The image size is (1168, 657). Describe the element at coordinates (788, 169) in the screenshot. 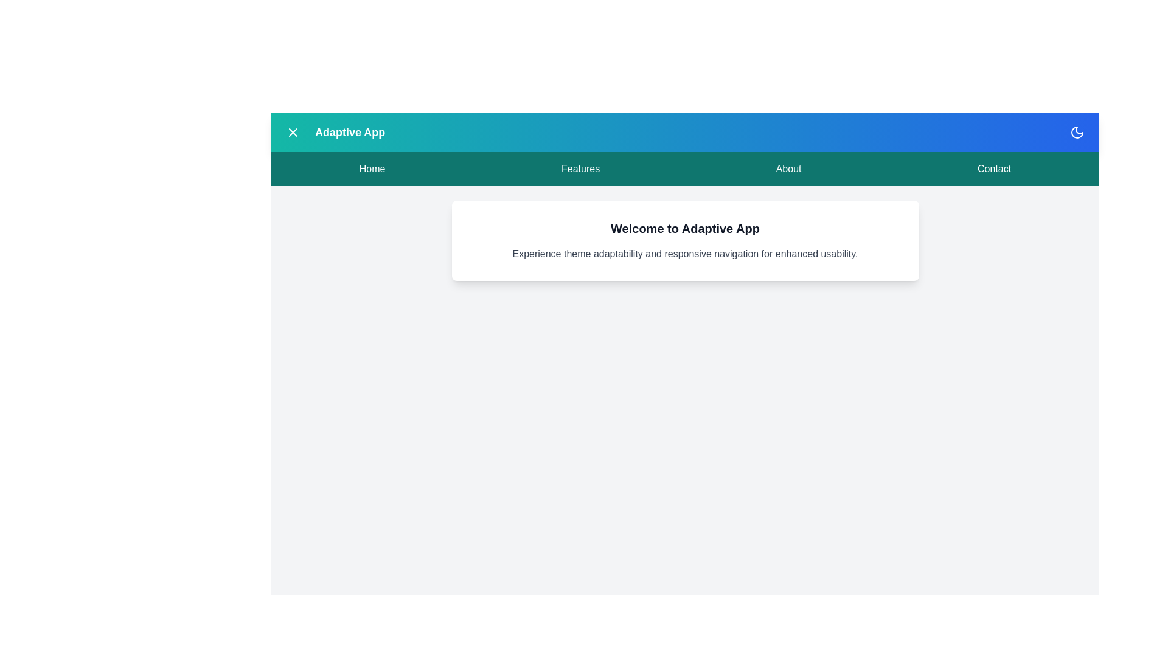

I see `the menu item corresponding to About to navigate to the respective section` at that location.